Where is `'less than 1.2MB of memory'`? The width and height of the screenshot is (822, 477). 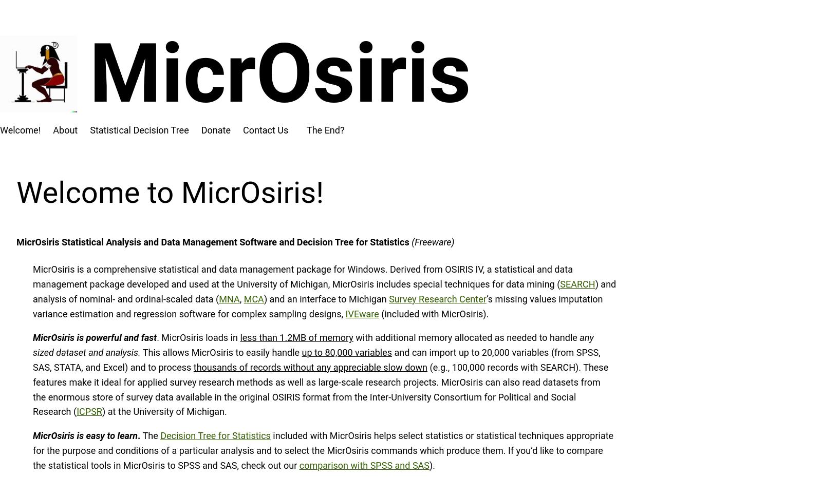
'less than 1.2MB of memory' is located at coordinates (295, 337).